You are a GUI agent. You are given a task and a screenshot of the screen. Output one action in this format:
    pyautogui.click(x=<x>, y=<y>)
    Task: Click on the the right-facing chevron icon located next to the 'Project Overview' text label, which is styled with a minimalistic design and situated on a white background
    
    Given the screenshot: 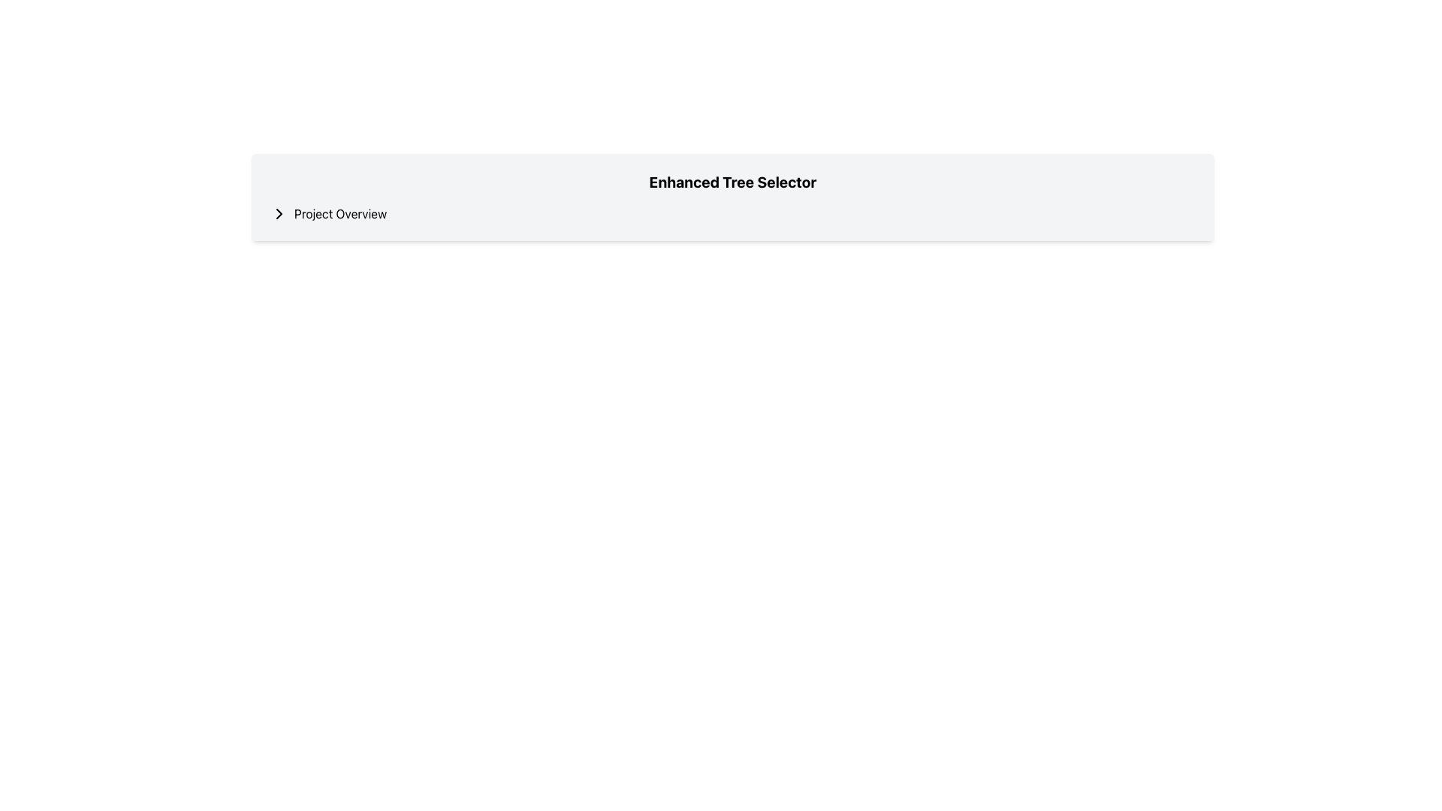 What is the action you would take?
    pyautogui.click(x=279, y=214)
    